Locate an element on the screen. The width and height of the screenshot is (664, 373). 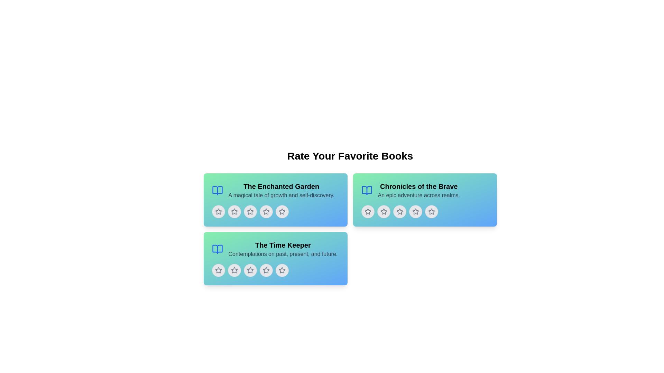
the first star rating icon in the row of five, located beneath the text 'The Time Keeper' is located at coordinates (218, 270).